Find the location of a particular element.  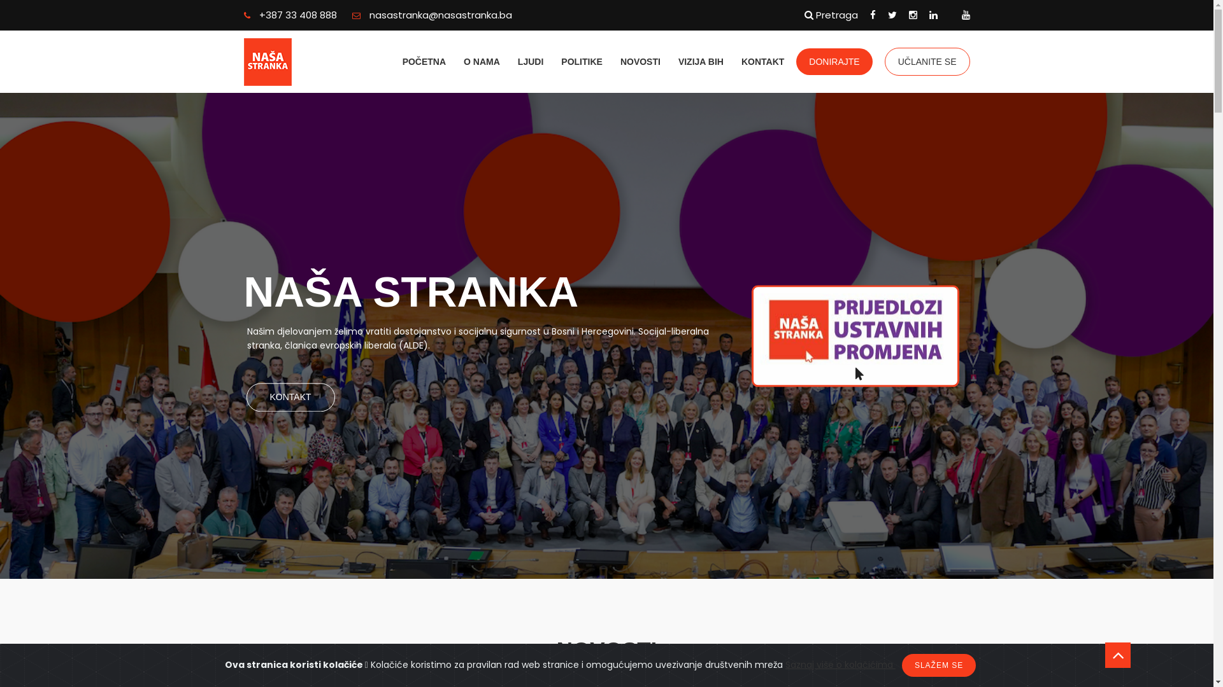

'LinkedIn' is located at coordinates (933, 15).